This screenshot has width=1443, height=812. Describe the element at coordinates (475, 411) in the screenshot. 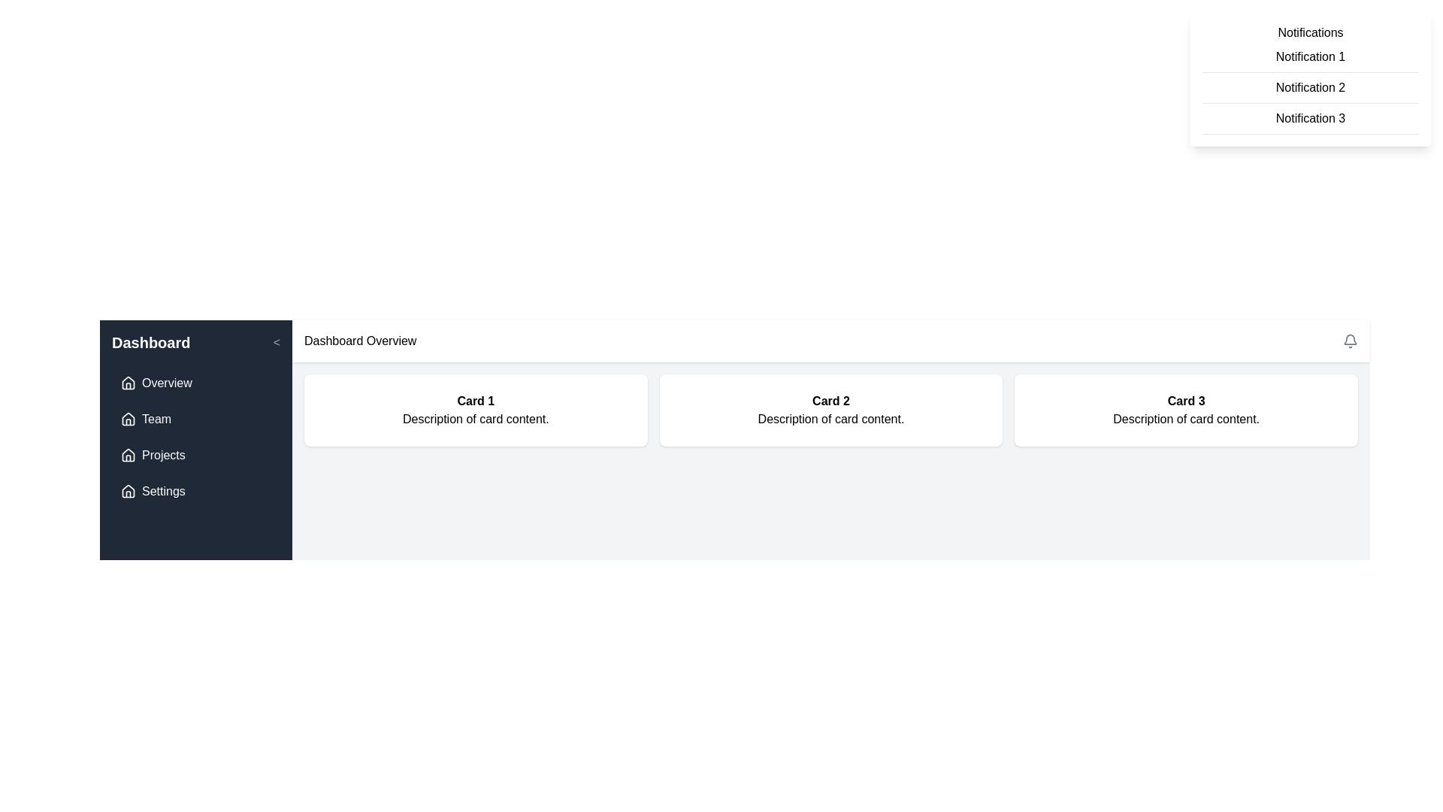

I see `the first informational card located in the central part of the interface, which contains a title and a description` at that location.